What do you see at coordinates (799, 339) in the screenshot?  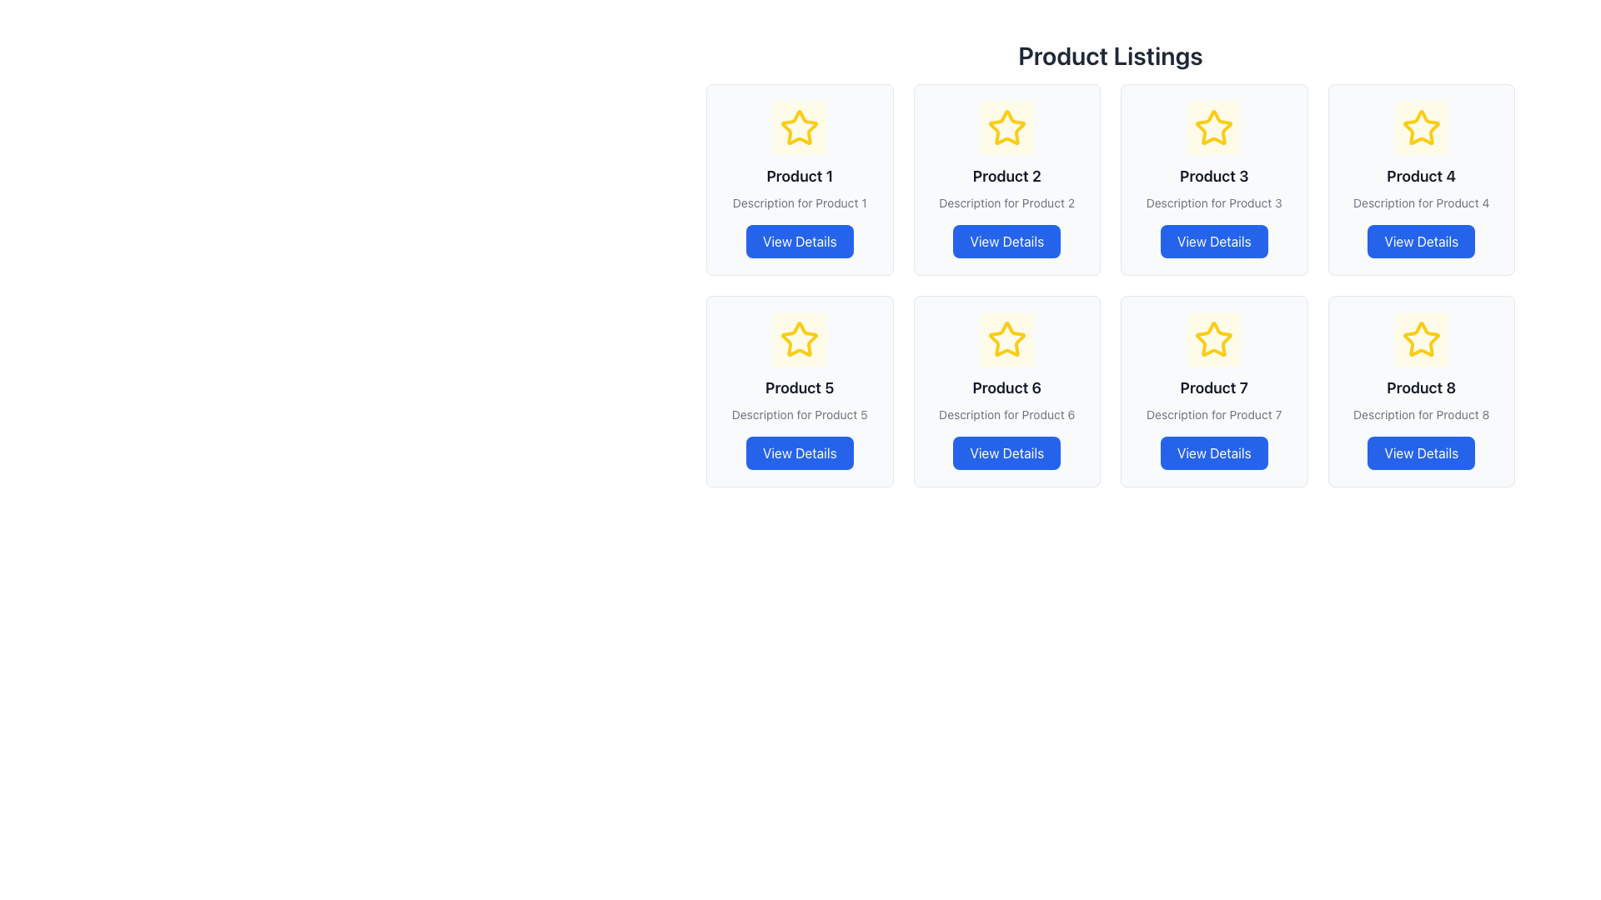 I see `the icon indicating the popularity or rating of 'Product 5', positioned at the top-center of the card` at bounding box center [799, 339].